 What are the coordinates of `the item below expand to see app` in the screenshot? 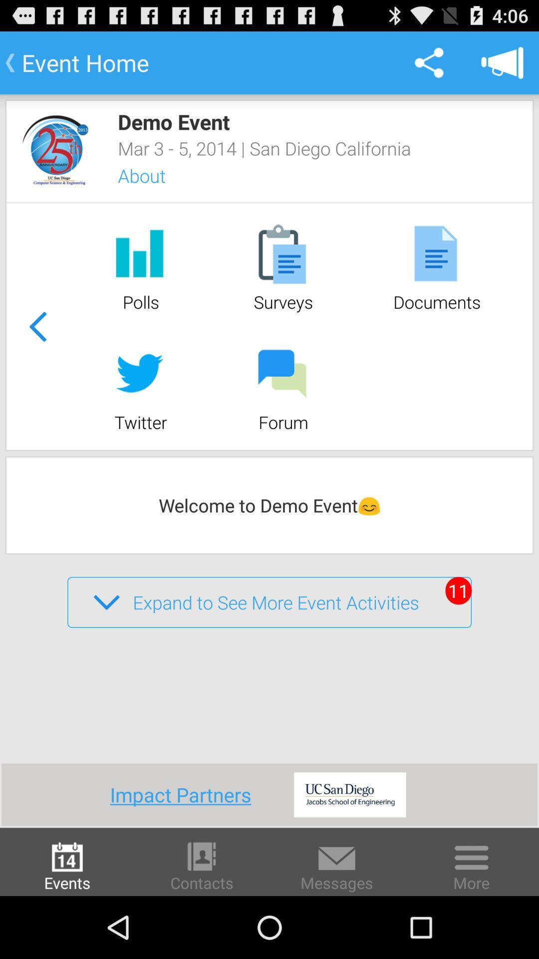 It's located at (184, 794).